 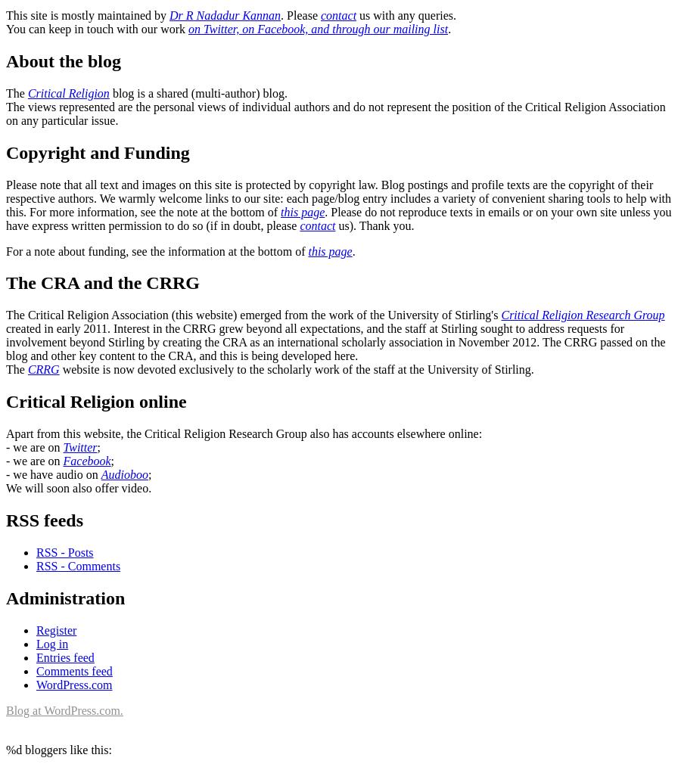 What do you see at coordinates (318, 27) in the screenshot?
I see `'on Twitter, on Facebook, and through our mailing list'` at bounding box center [318, 27].